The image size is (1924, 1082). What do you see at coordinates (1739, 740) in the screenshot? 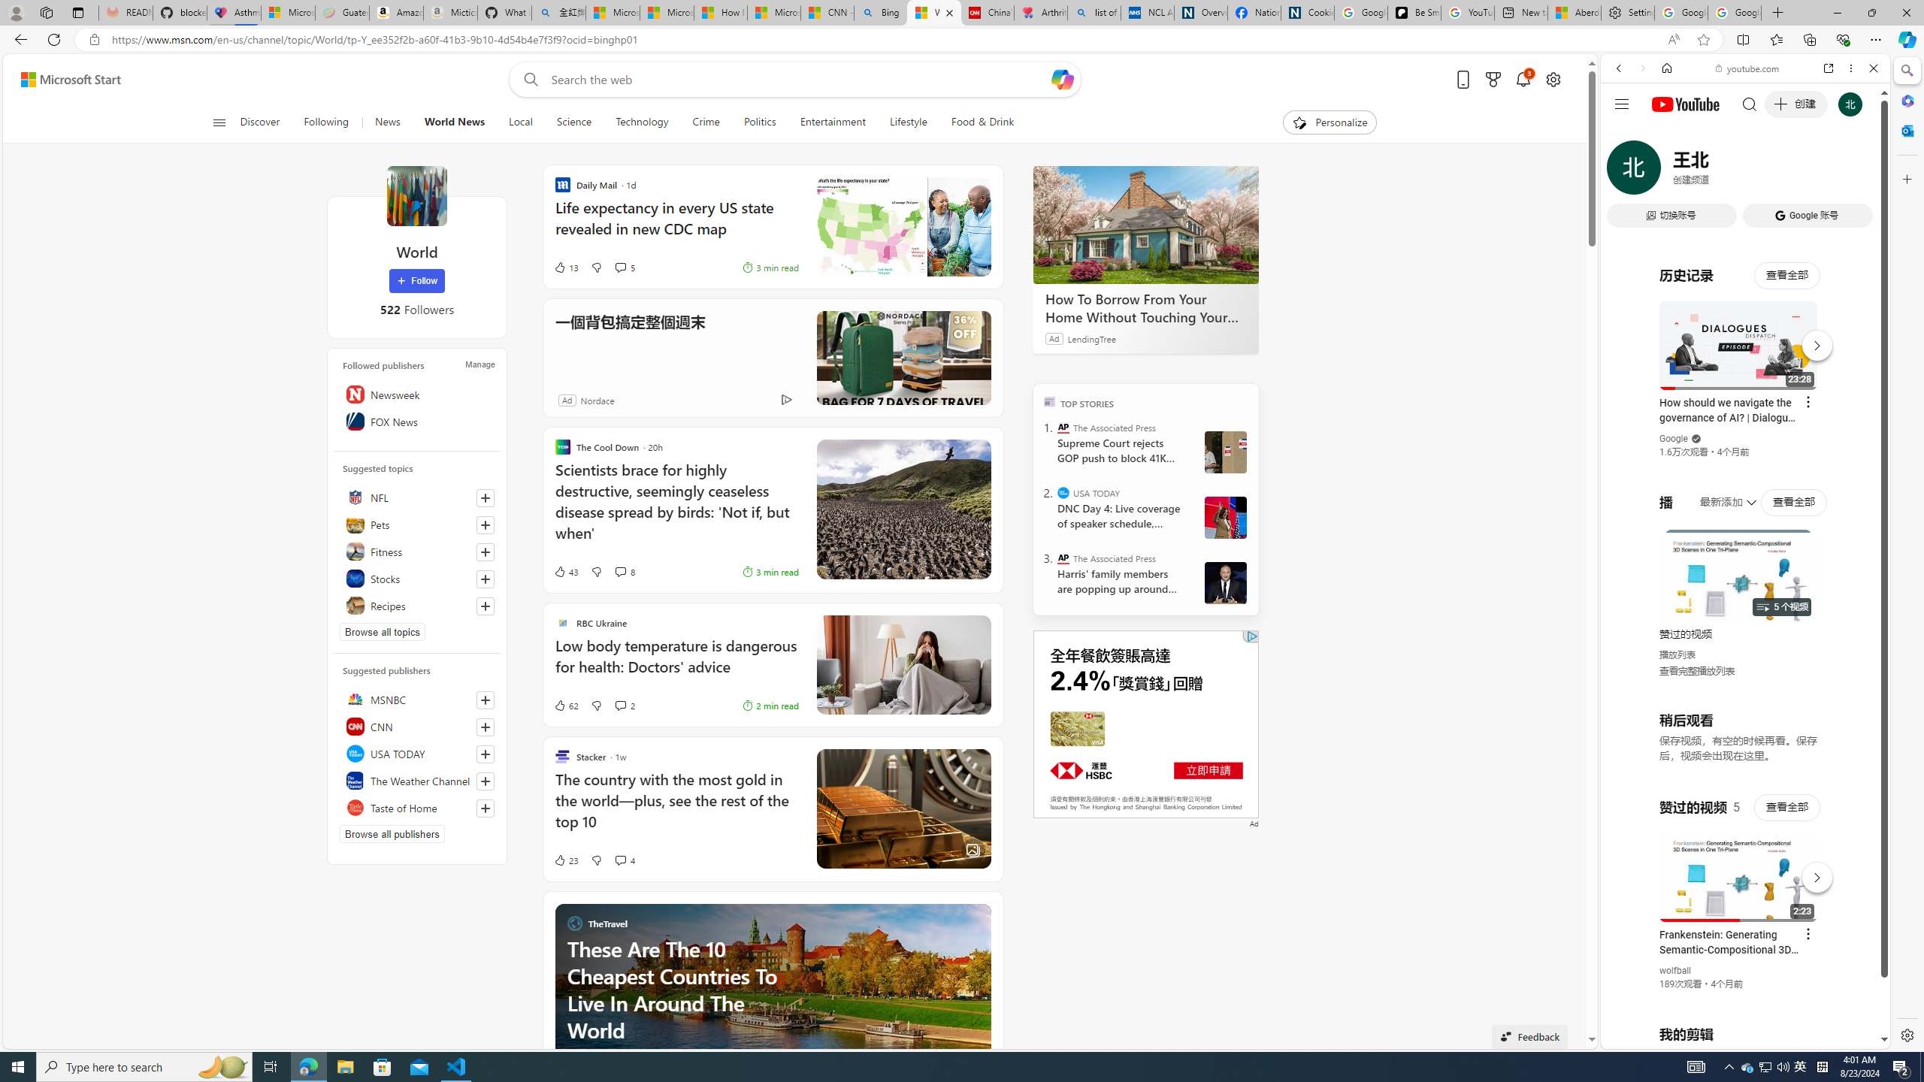
I see `'YouTube - YouTube'` at bounding box center [1739, 740].